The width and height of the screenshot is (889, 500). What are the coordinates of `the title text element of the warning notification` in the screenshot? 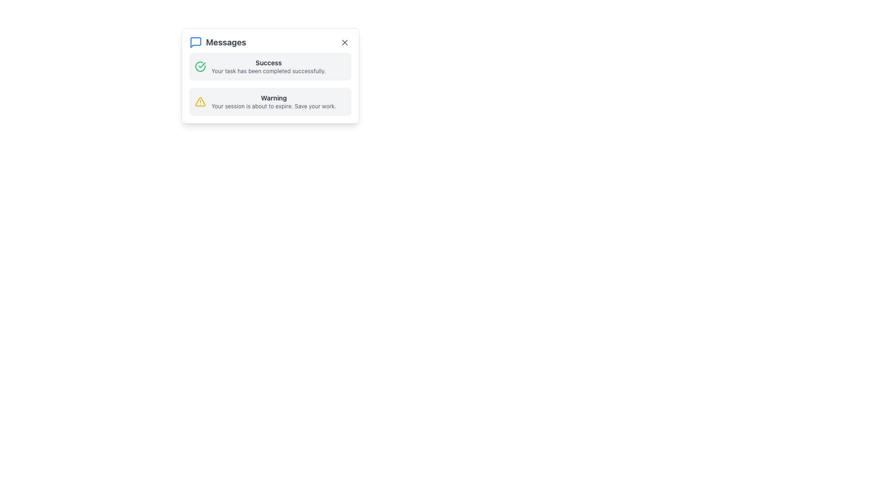 It's located at (273, 98).